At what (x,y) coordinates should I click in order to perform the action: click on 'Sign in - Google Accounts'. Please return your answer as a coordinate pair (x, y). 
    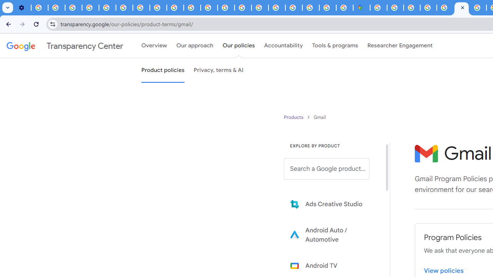
    Looking at the image, I should click on (395, 8).